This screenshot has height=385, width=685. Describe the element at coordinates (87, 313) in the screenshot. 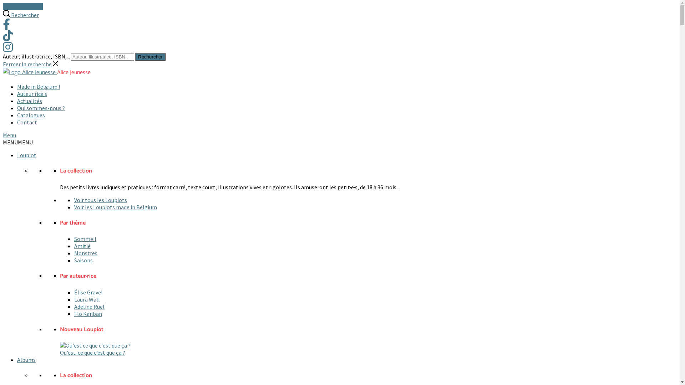

I see `'Flo Kanban'` at that location.